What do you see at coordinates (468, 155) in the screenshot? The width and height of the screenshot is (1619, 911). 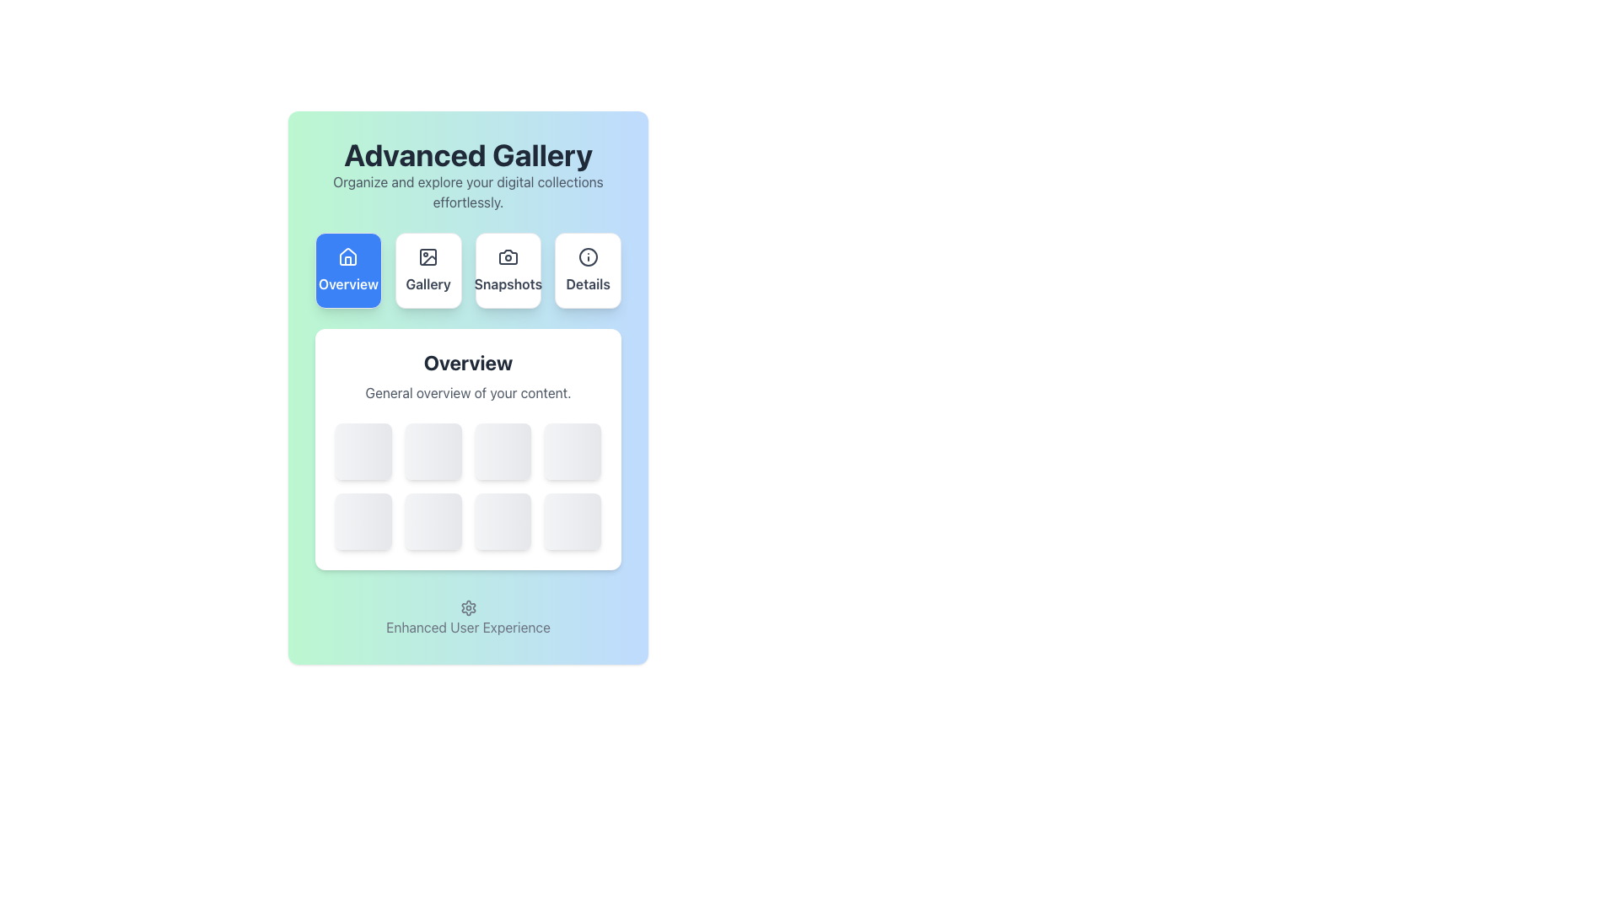 I see `title text located at the top of the page, which serves as the primary title of the section` at bounding box center [468, 155].